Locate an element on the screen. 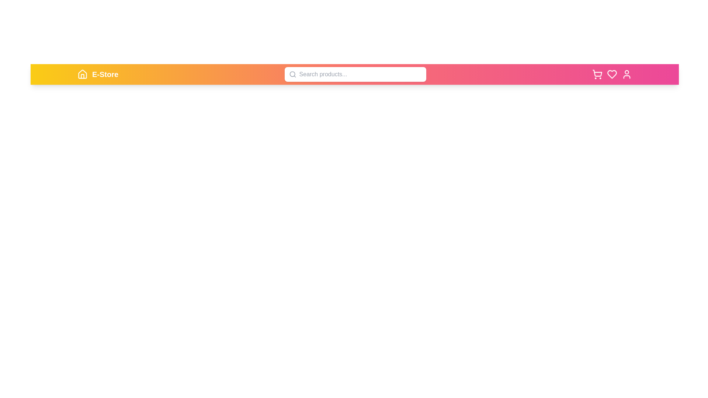  the 'E-Store' text in the navigation bar is located at coordinates (105, 74).